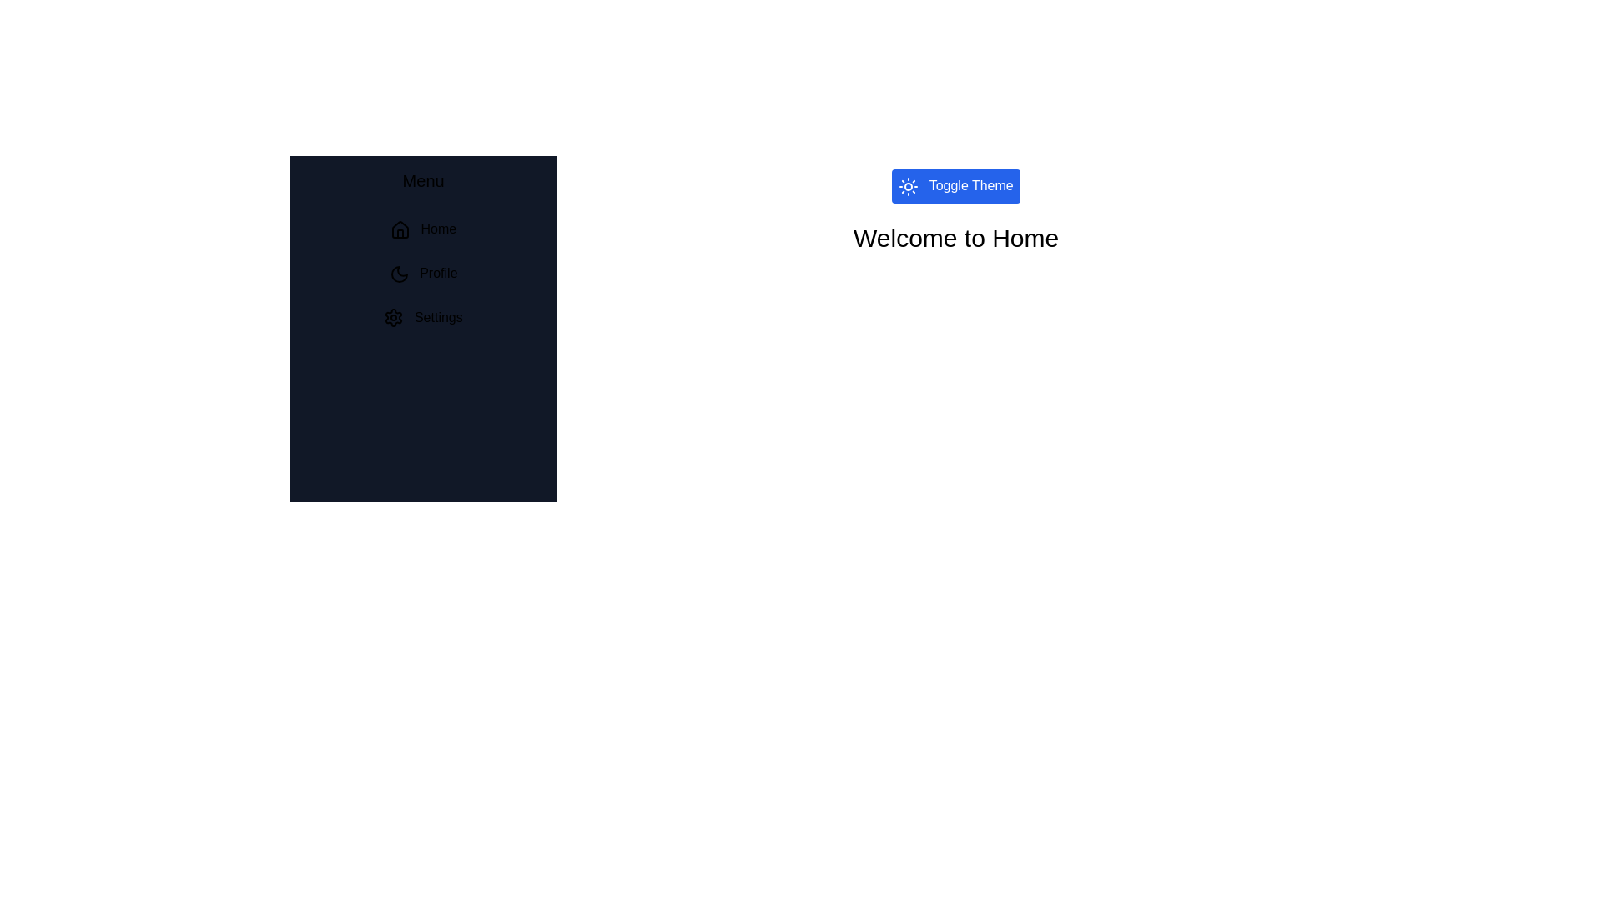 Image resolution: width=1602 pixels, height=901 pixels. Describe the element at coordinates (423, 317) in the screenshot. I see `the Settings section from the menu` at that location.